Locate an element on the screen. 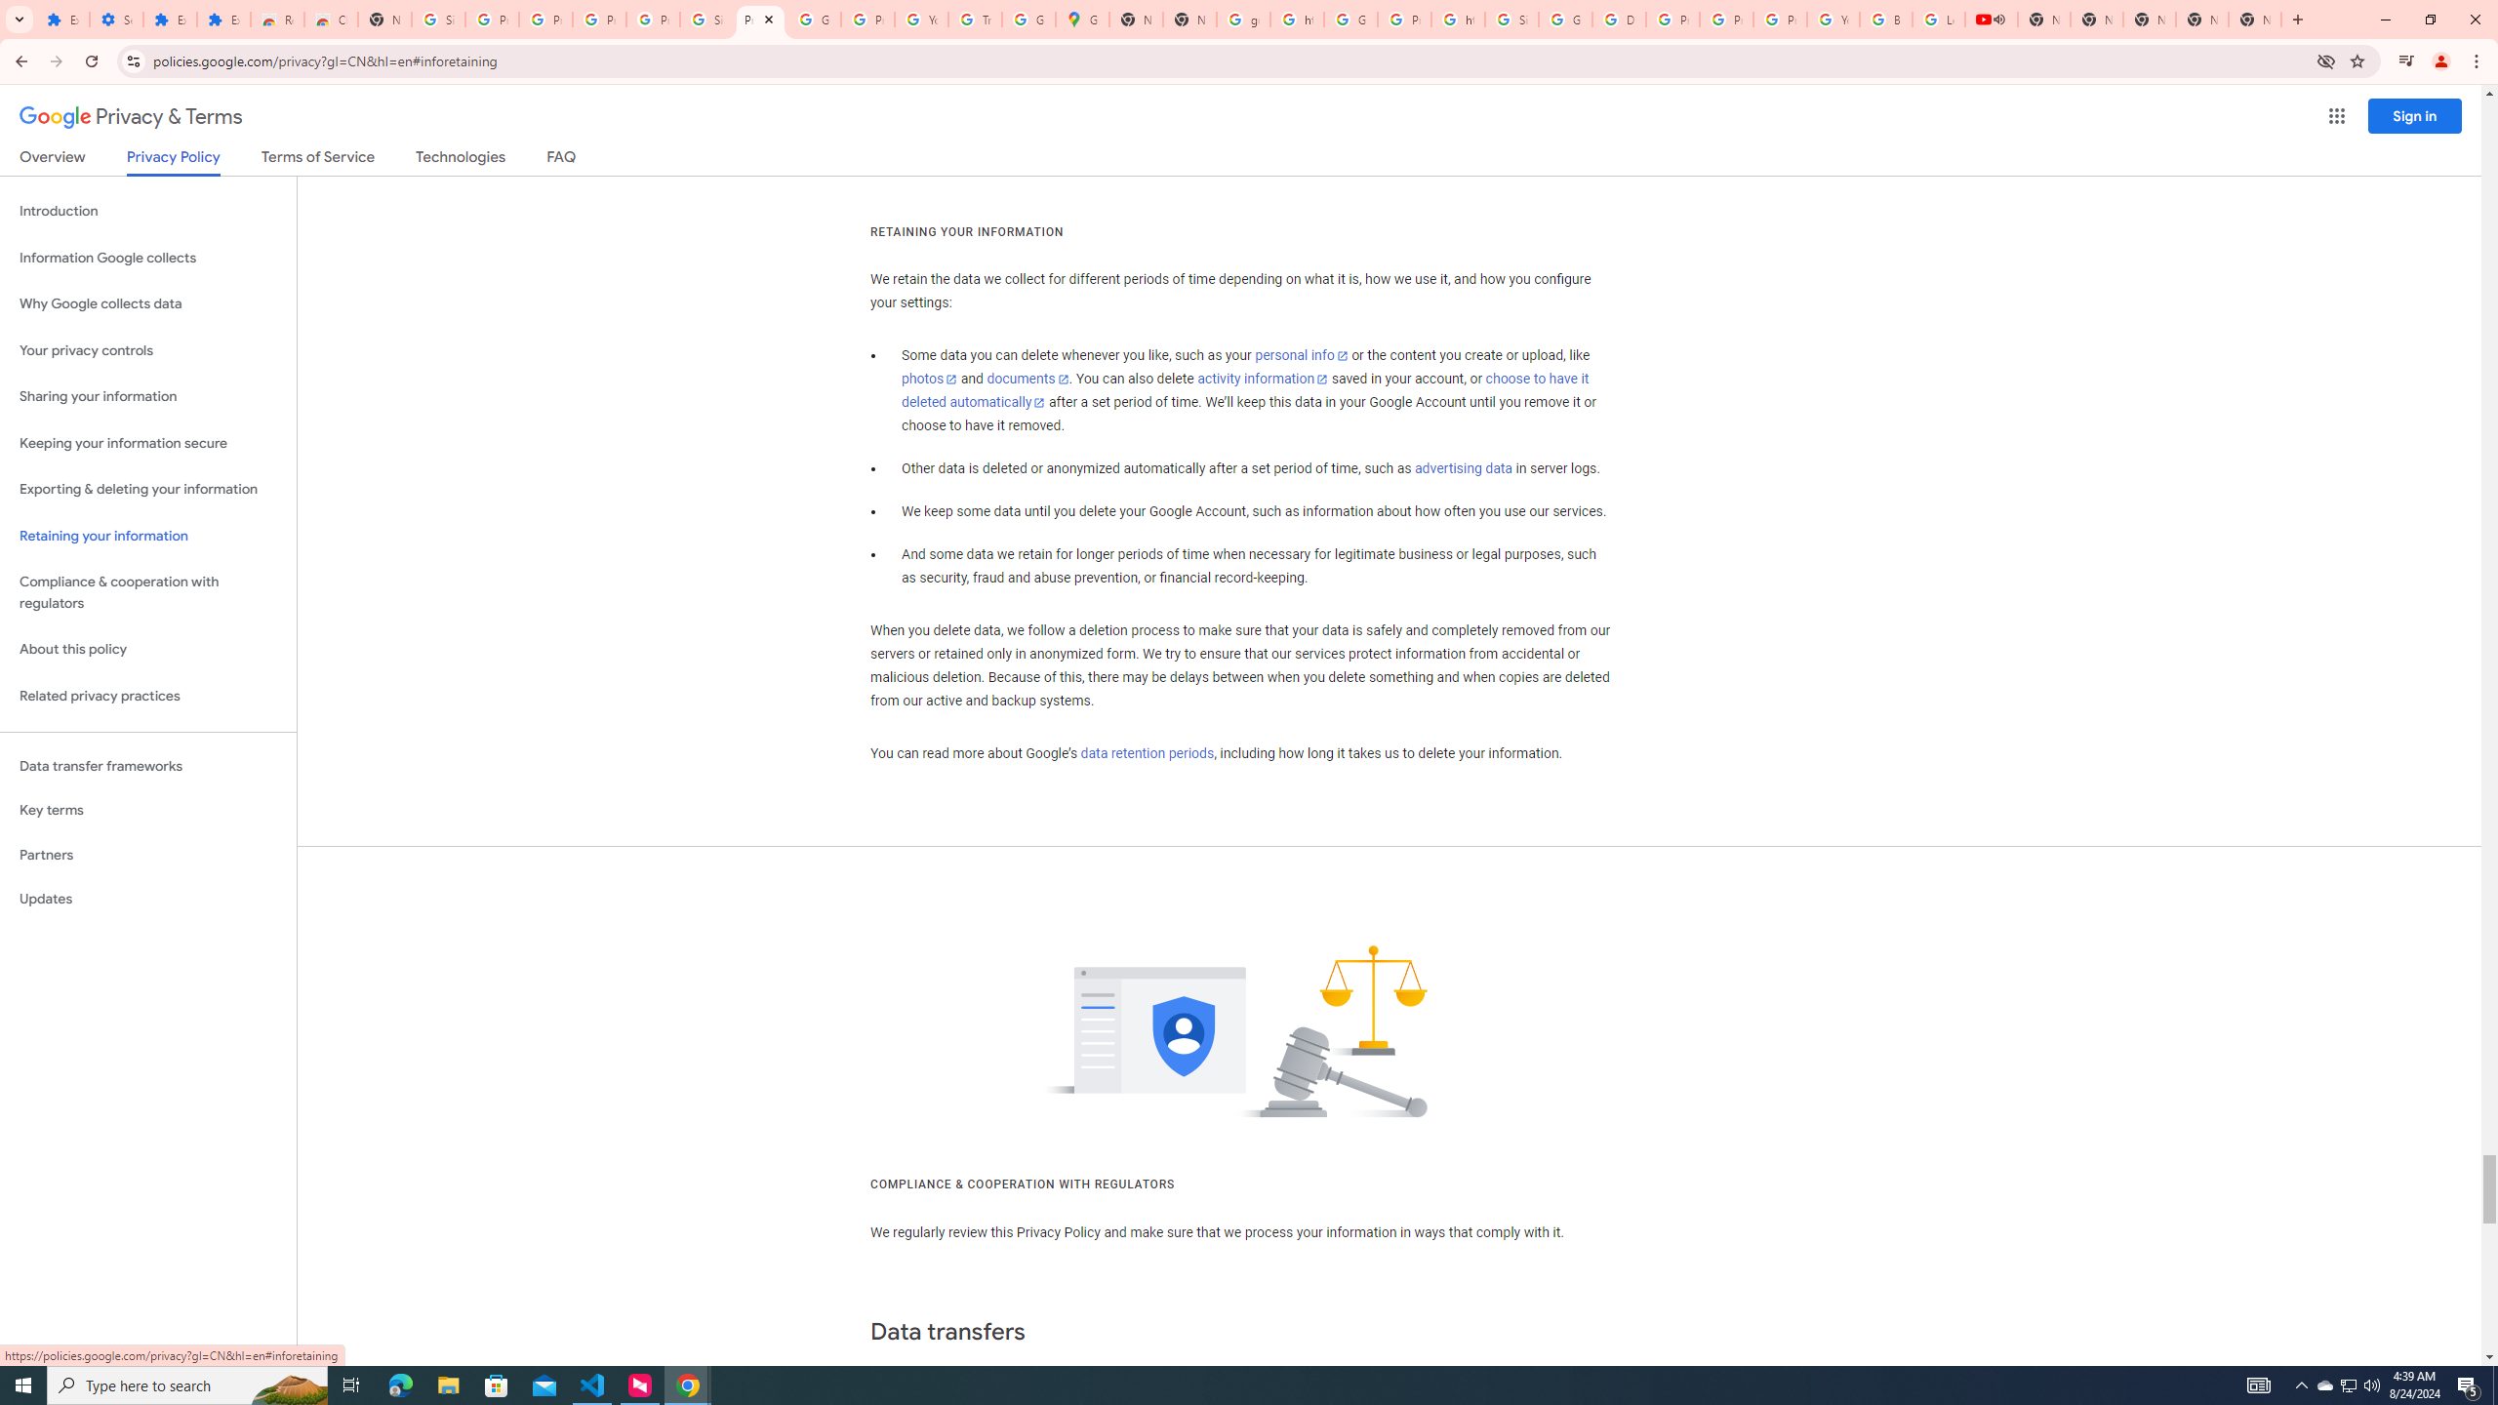 The height and width of the screenshot is (1405, 2498). 'Privacy & Terms' is located at coordinates (131, 116).